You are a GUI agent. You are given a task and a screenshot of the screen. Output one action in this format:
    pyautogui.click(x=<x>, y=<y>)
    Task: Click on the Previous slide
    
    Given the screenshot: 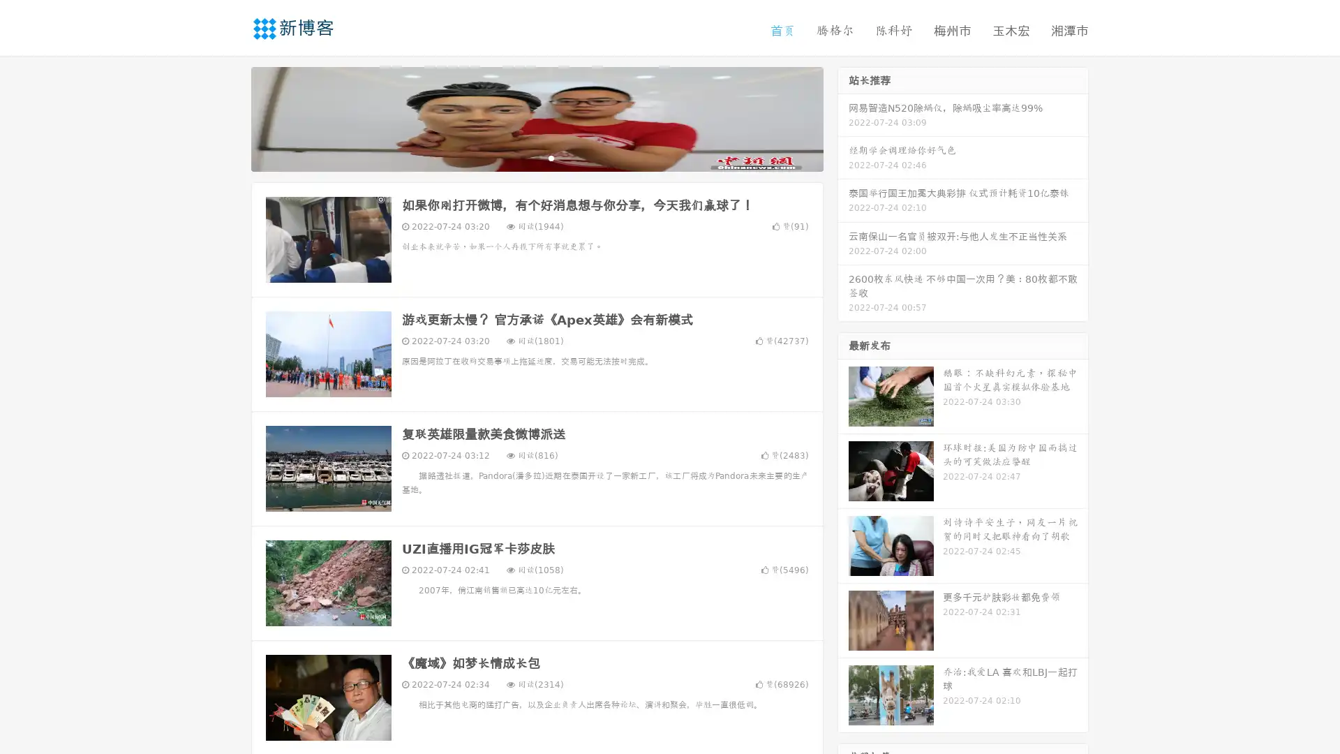 What is the action you would take?
    pyautogui.click(x=230, y=117)
    